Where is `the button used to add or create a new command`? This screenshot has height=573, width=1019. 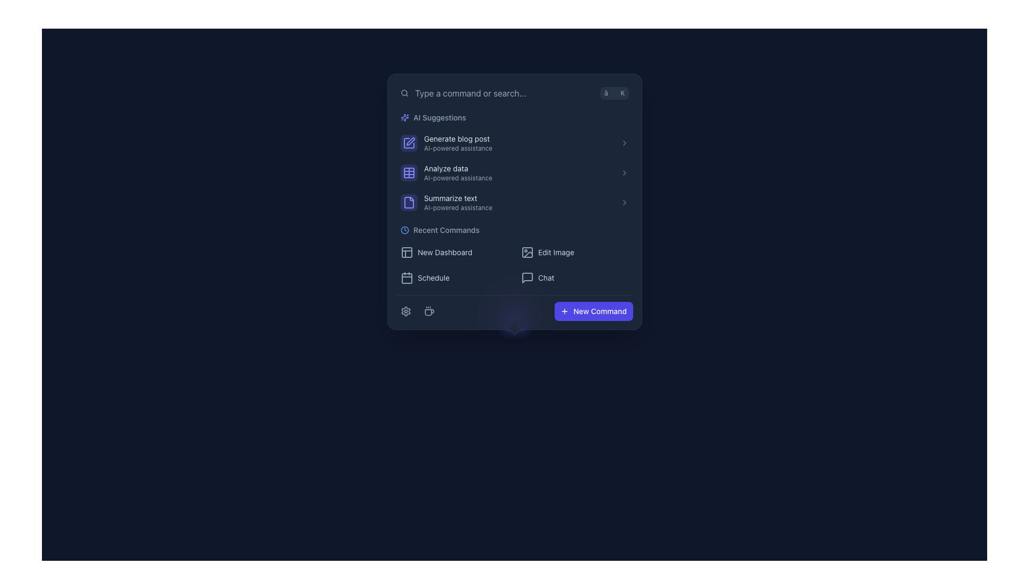
the button used to add or create a new command is located at coordinates (593, 310).